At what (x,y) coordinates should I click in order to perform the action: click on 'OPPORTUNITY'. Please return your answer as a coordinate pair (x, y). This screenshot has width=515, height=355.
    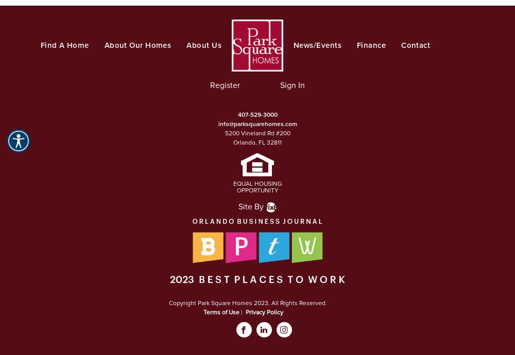
    Looking at the image, I should click on (256, 190).